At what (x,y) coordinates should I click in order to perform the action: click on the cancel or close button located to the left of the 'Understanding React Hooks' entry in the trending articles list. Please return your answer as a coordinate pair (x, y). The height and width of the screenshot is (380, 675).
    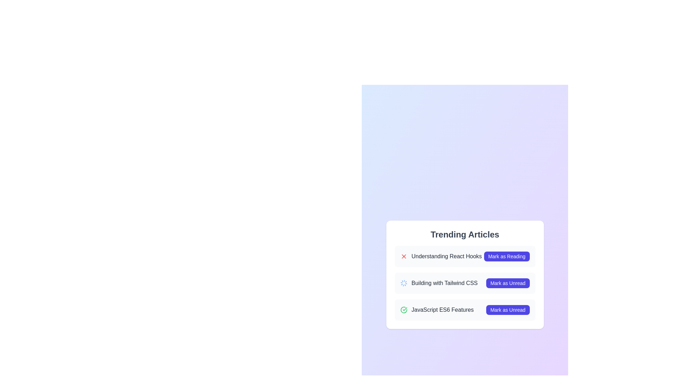
    Looking at the image, I should click on (404, 256).